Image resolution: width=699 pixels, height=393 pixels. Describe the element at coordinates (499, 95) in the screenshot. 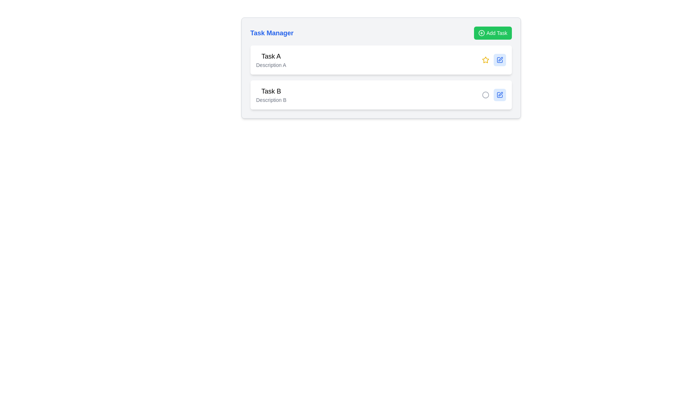

I see `the blue outlined square icon with a pen overlay, located to the right of 'Task A' and adjacent to the star icon` at that location.